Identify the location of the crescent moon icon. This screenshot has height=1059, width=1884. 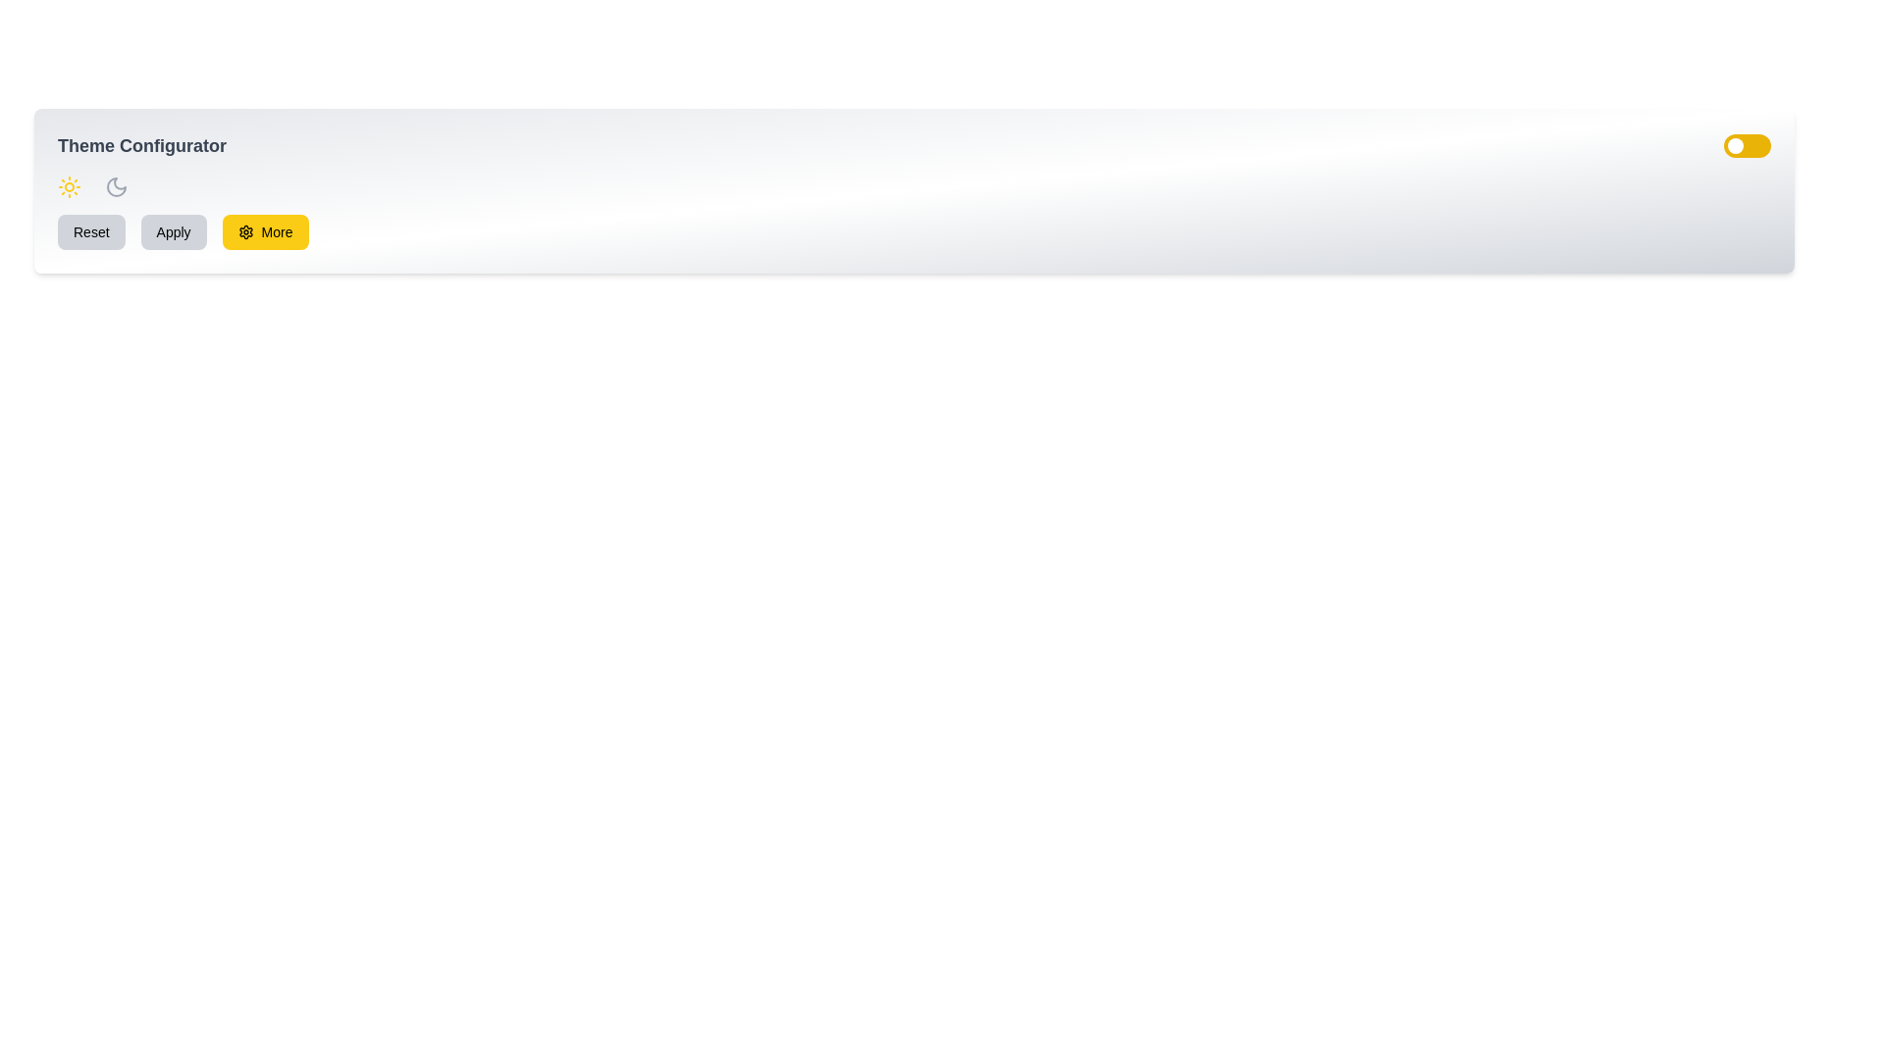
(116, 187).